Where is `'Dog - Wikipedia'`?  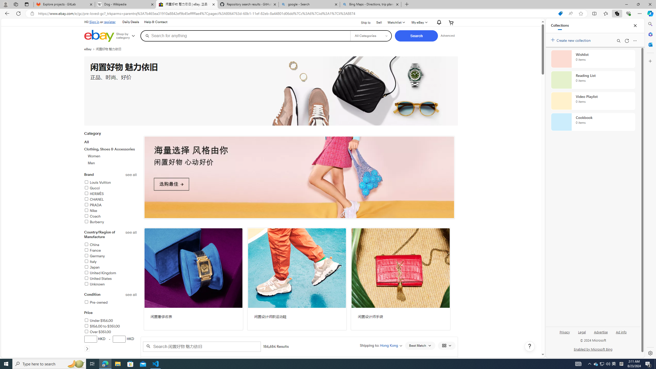
'Dog - Wikipedia' is located at coordinates (125, 4).